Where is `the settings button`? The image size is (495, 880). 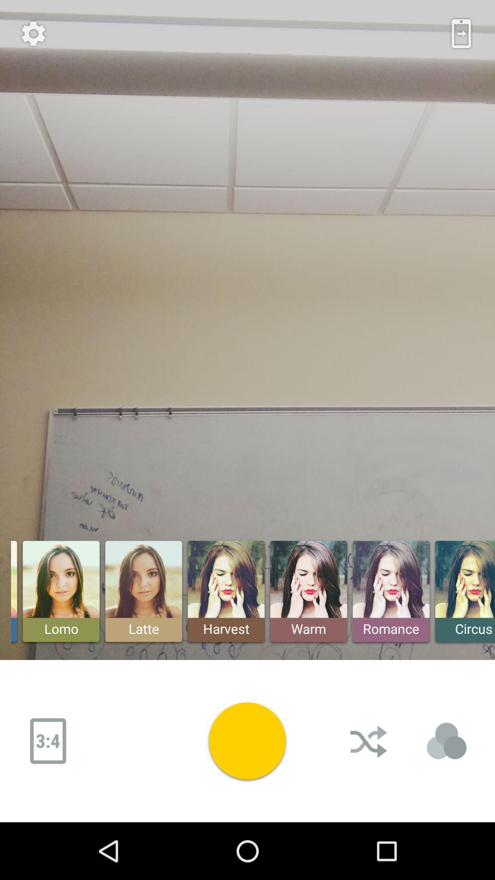 the settings button is located at coordinates (33, 33).